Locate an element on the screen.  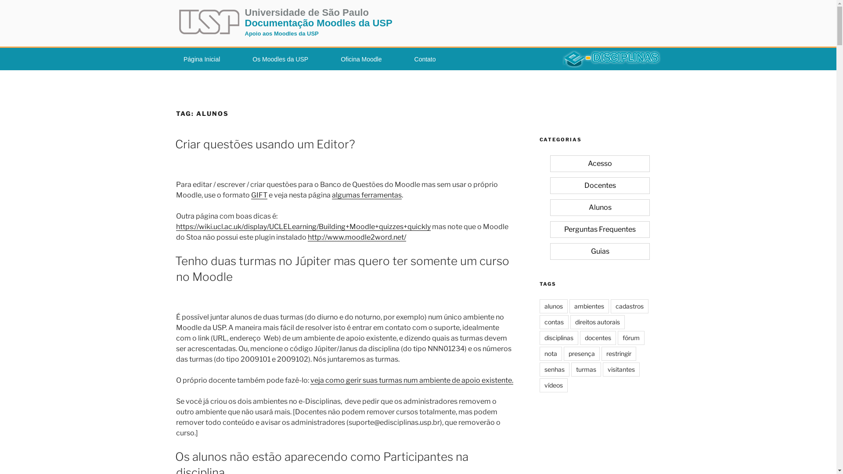
'alunos' is located at coordinates (552, 306).